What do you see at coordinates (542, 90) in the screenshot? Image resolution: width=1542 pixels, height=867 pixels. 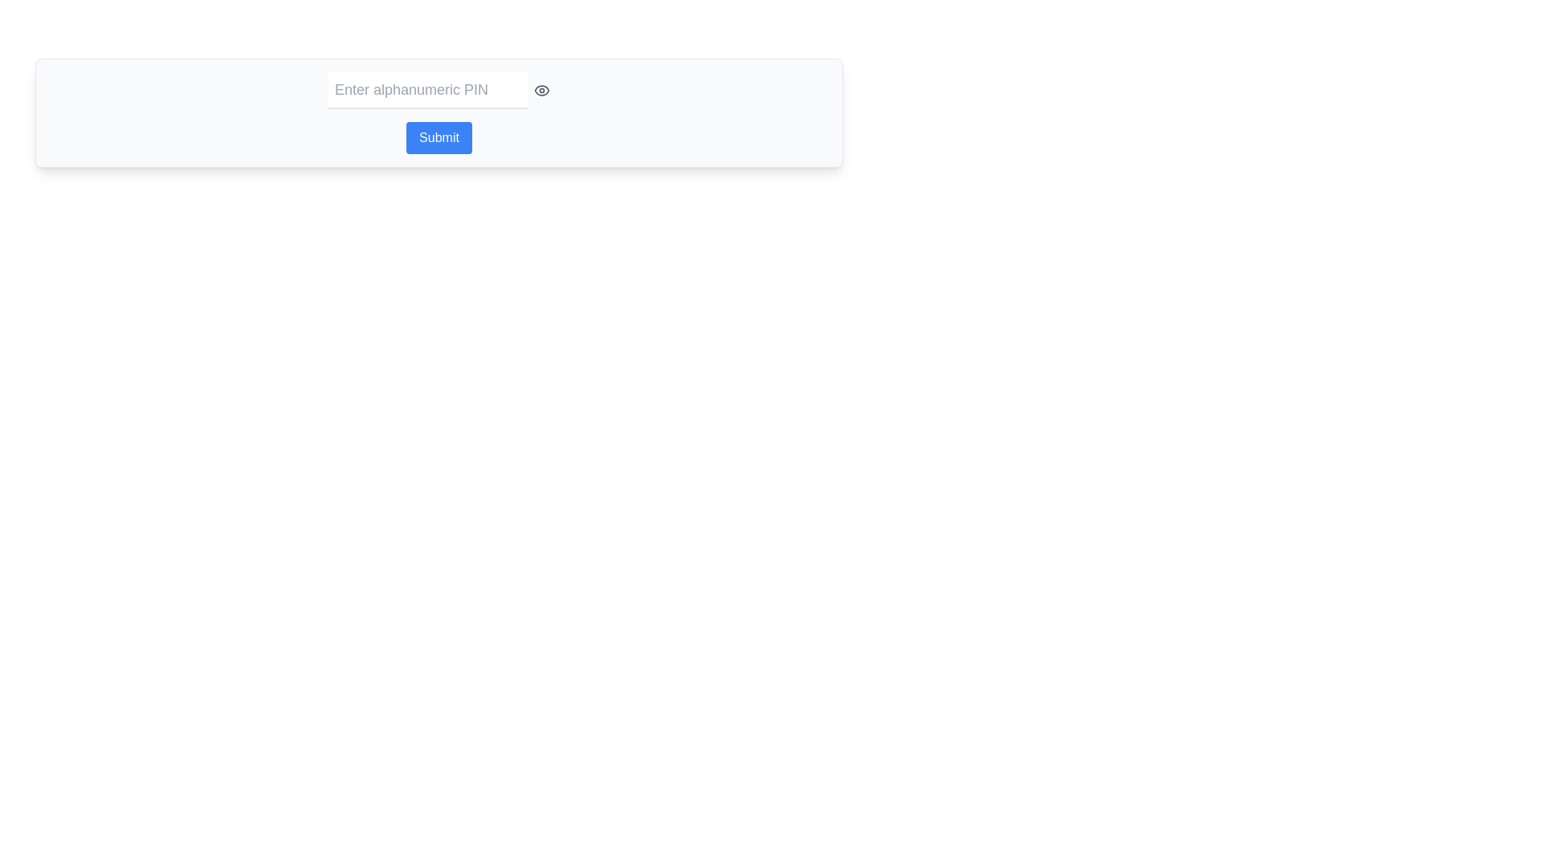 I see `the circular eye icon button located to the right of the 'Enter alphanumeric PIN' input field` at bounding box center [542, 90].